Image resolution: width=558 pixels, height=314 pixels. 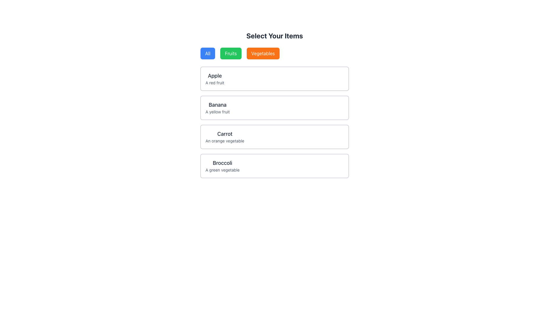 What do you see at coordinates (224, 141) in the screenshot?
I see `the text label that reads 'An orange vegetable', styled in a smaller gray font, located beneath the header 'Carrot' in the categorized list item` at bounding box center [224, 141].